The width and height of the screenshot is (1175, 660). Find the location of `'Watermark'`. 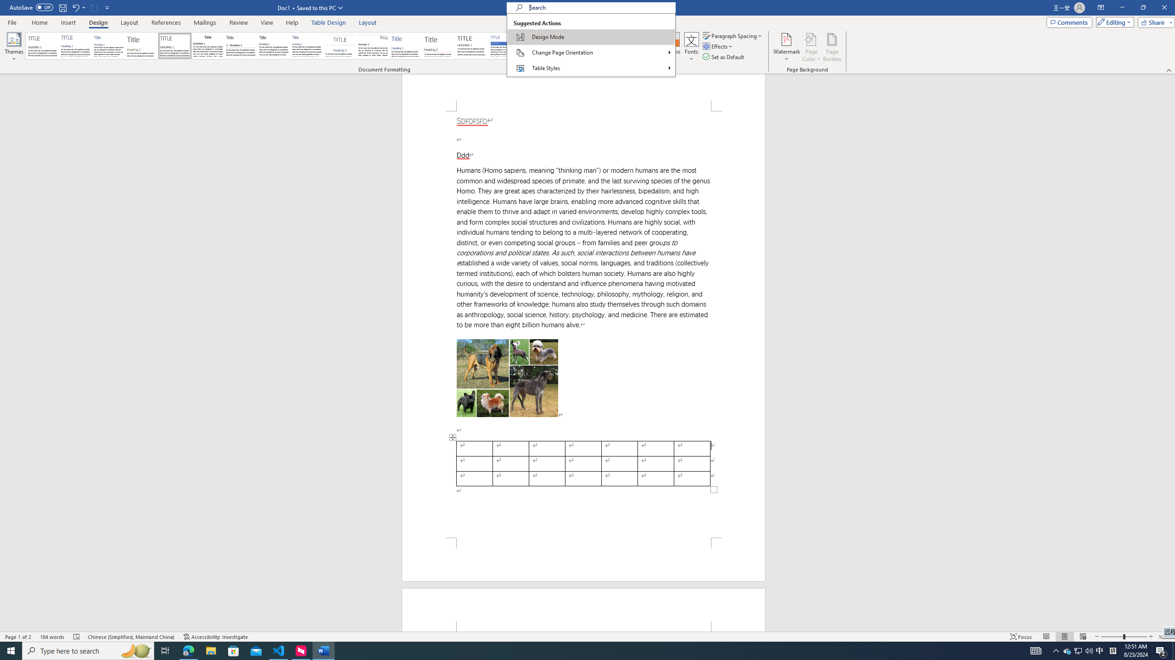

'Watermark' is located at coordinates (786, 47).